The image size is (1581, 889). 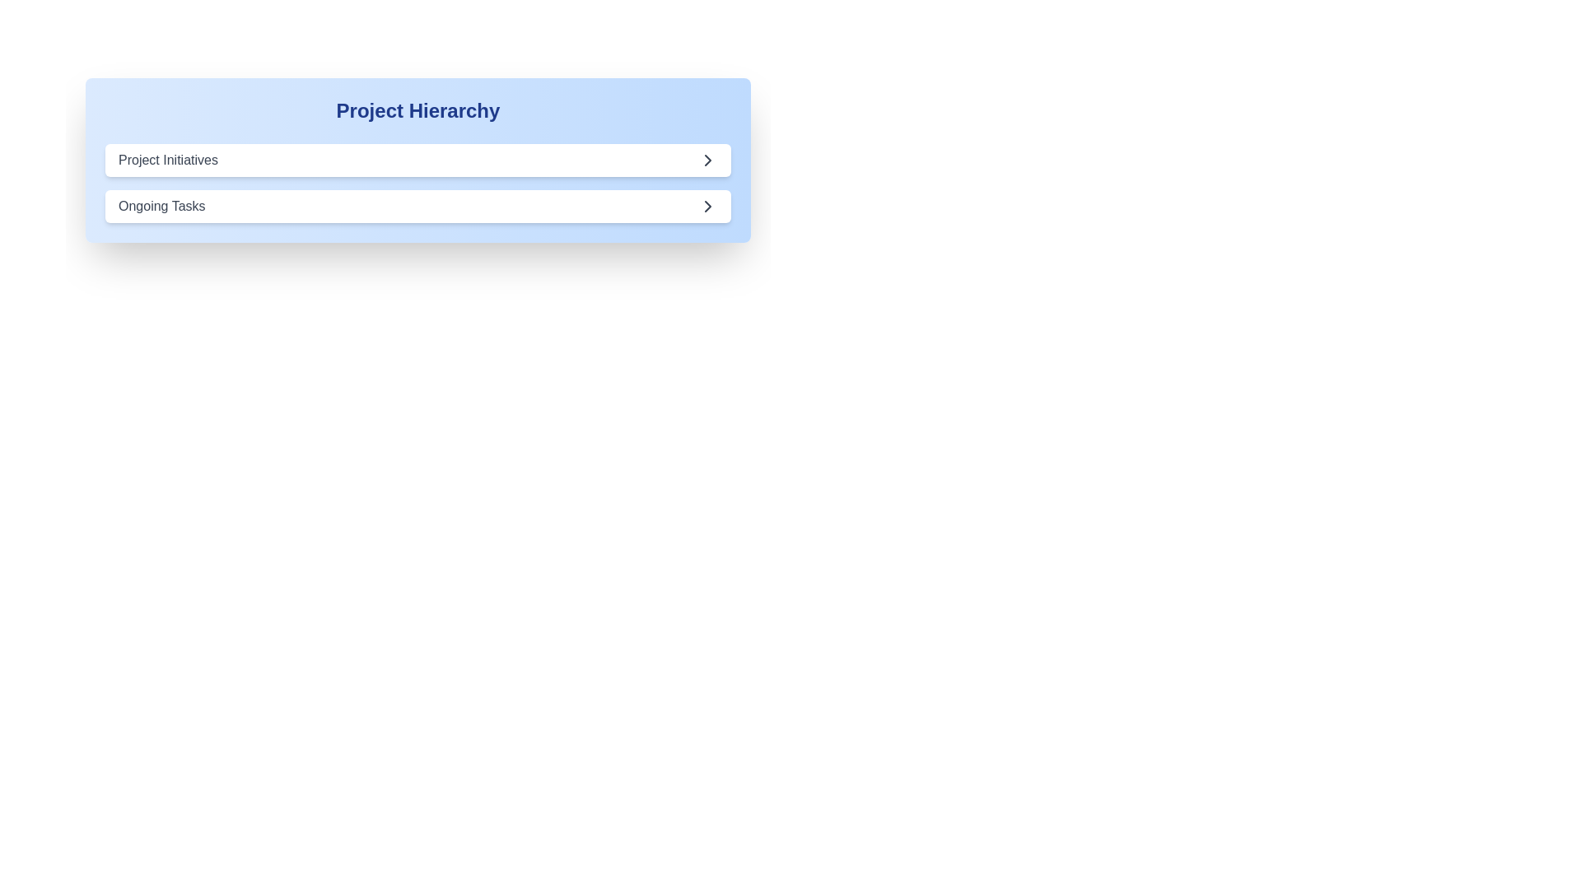 What do you see at coordinates (707, 161) in the screenshot?
I see `the icon located at the right end of the top list item under the 'Project Hierarchy' heading` at bounding box center [707, 161].